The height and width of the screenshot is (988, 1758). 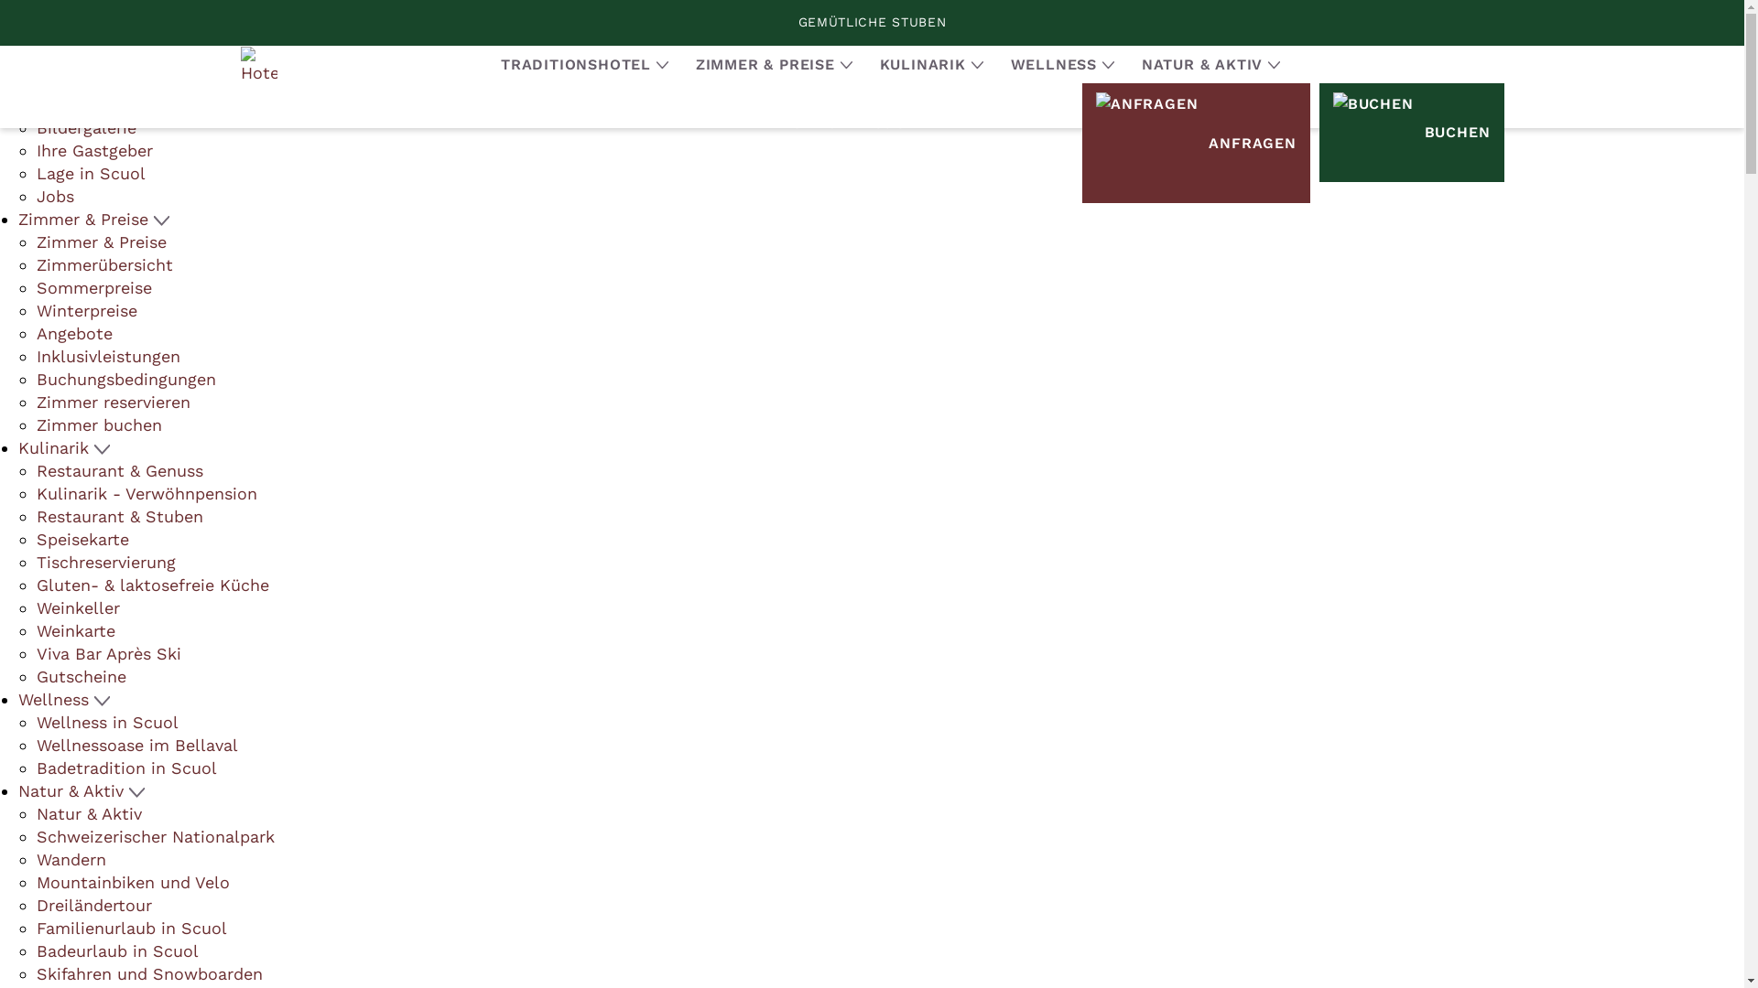 I want to click on 'Winterpreise', so click(x=86, y=309).